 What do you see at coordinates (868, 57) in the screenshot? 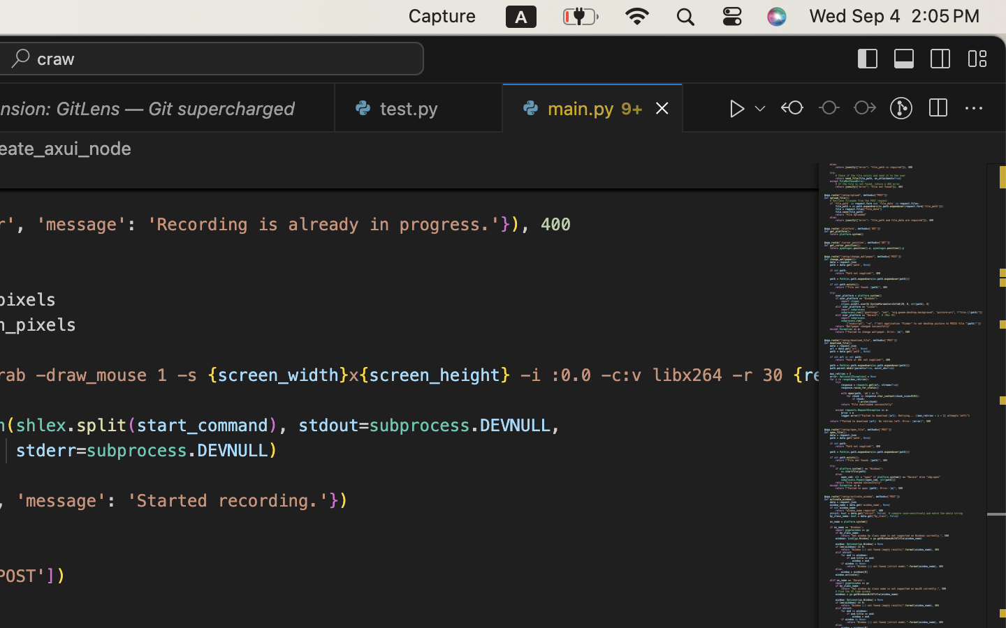
I see `''` at bounding box center [868, 57].